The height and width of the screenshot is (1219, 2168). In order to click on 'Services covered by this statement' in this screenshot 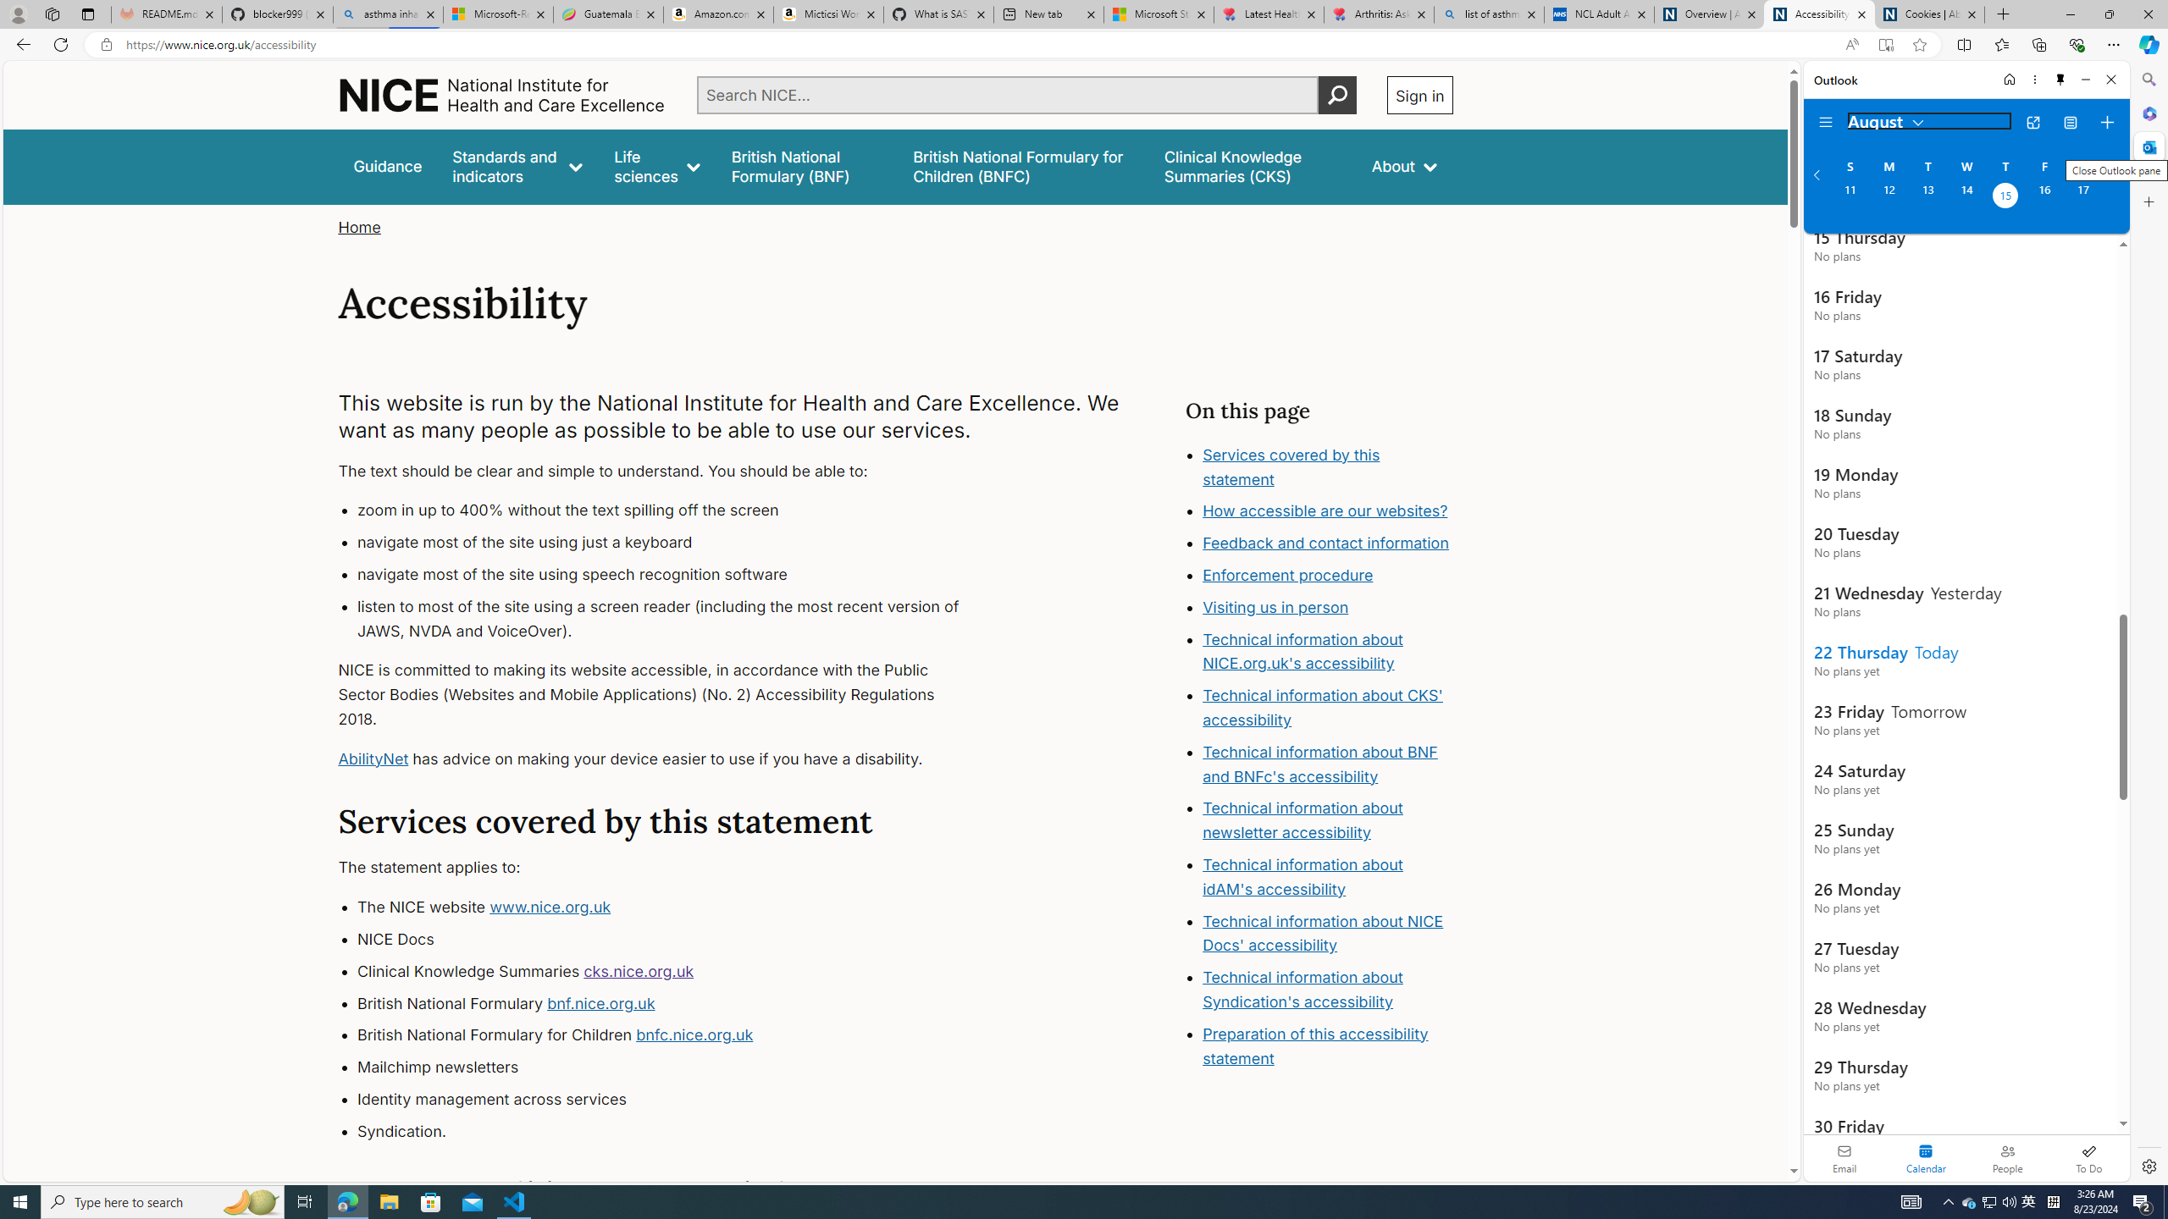, I will do `click(1291, 466)`.